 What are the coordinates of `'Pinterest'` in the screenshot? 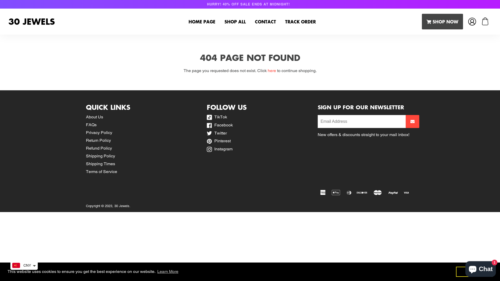 It's located at (219, 141).